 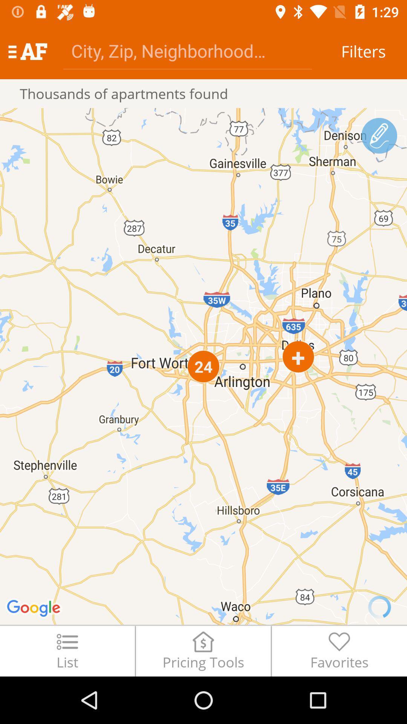 I want to click on item to the right of pricing tools item, so click(x=339, y=650).